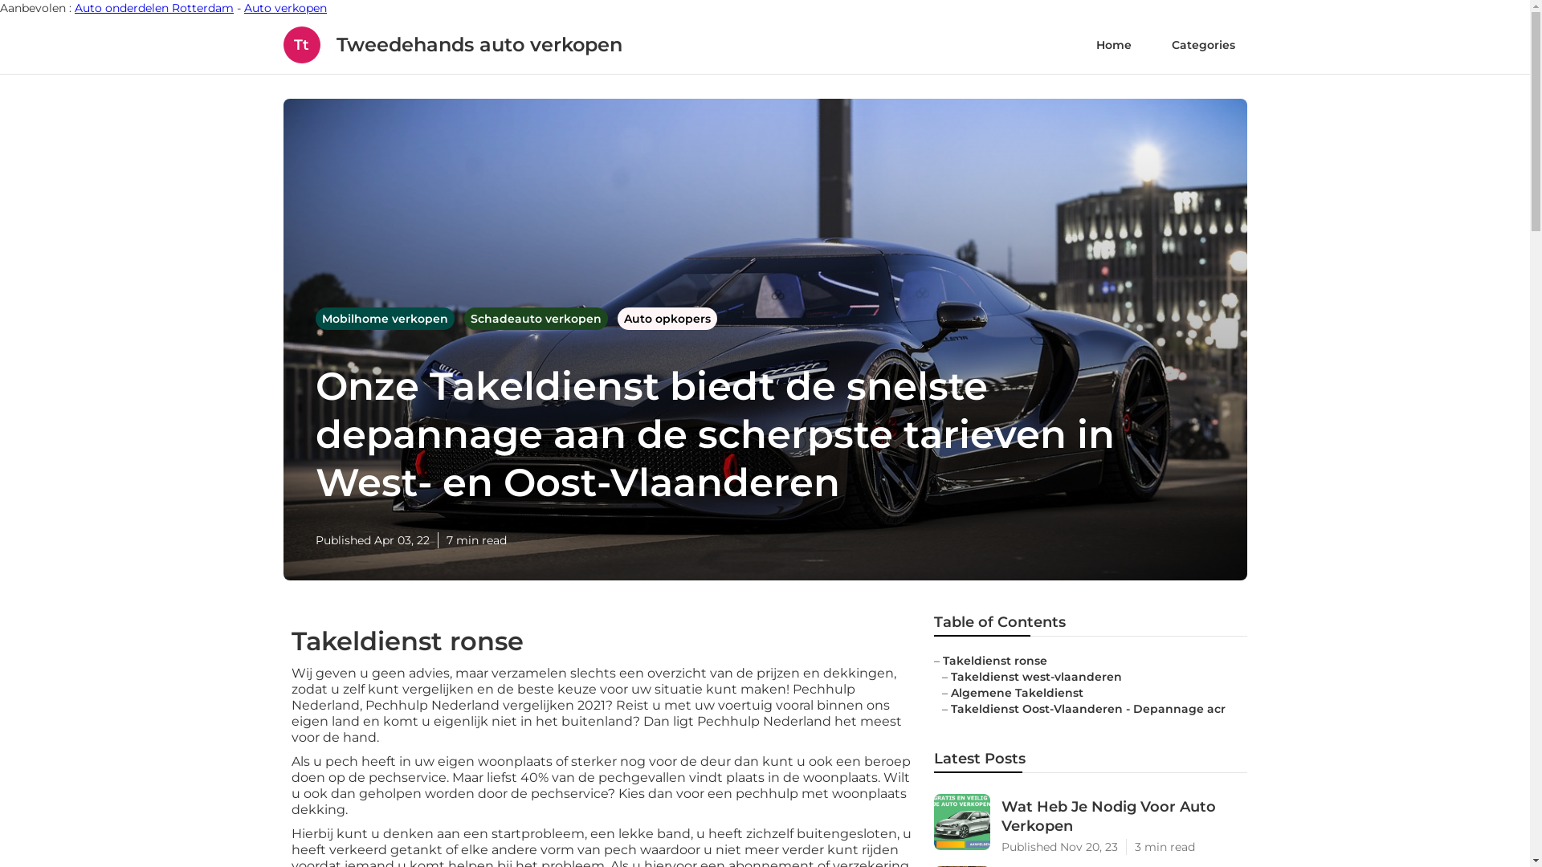  Describe the element at coordinates (315, 319) in the screenshot. I see `'Mobilhome verkopen'` at that location.